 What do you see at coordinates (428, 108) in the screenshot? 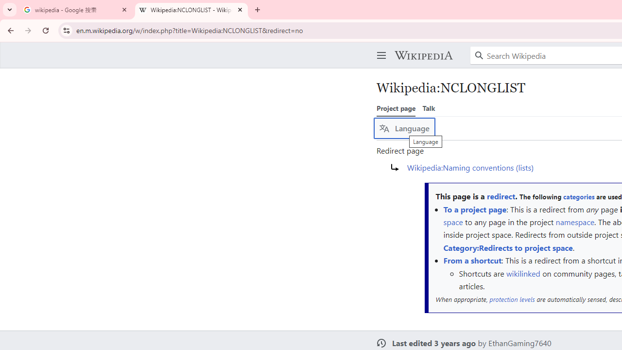
I see `'Talk'` at bounding box center [428, 108].